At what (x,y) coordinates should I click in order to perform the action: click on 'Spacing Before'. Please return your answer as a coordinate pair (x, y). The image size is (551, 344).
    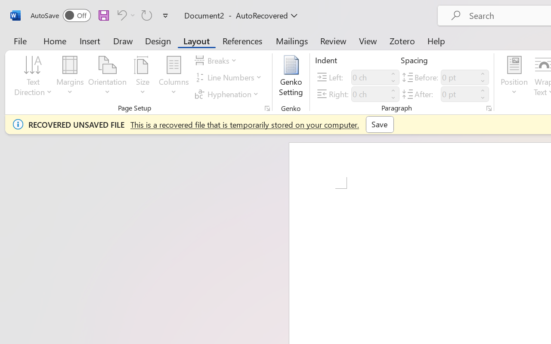
    Looking at the image, I should click on (458, 77).